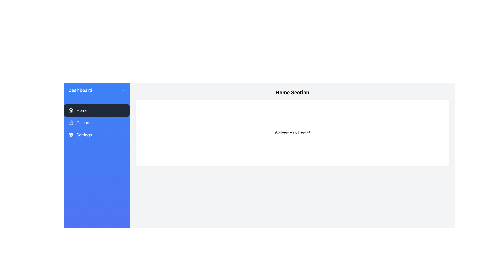 The image size is (491, 276). I want to click on the Chevron icon button located in the top-right corner of the sidebar header, so click(123, 90).